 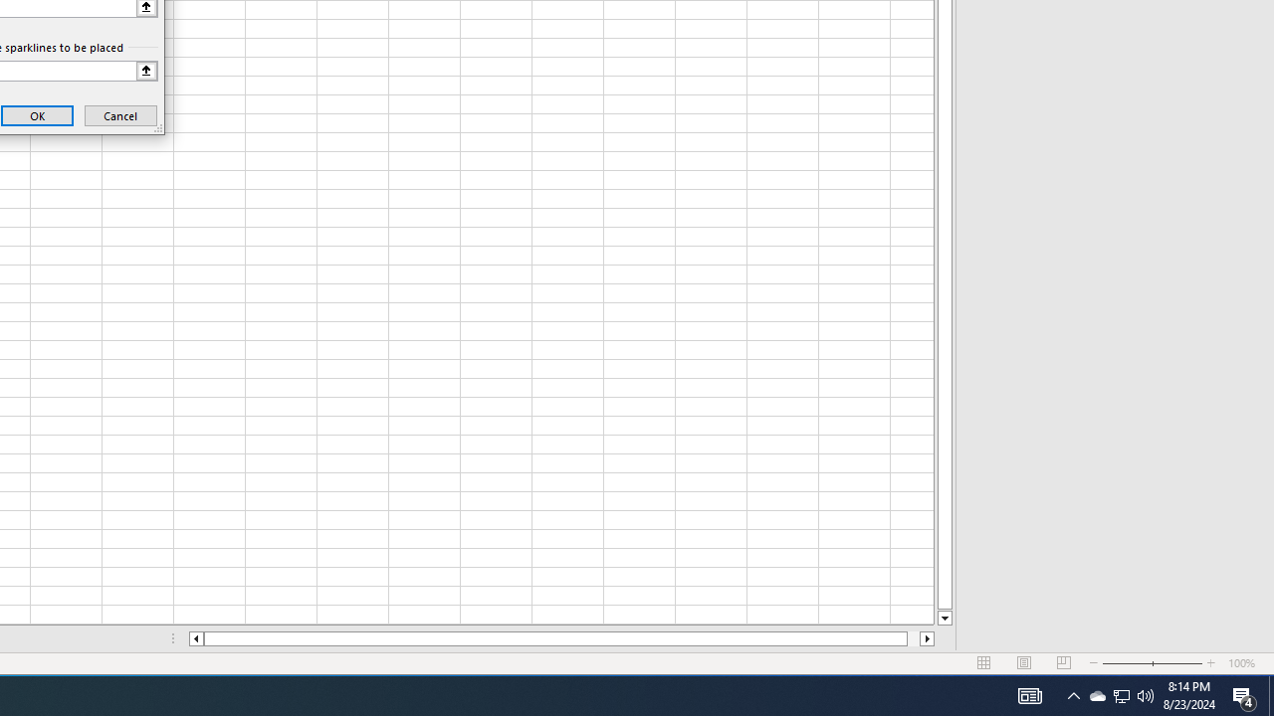 I want to click on 'Cancel', so click(x=119, y=115).